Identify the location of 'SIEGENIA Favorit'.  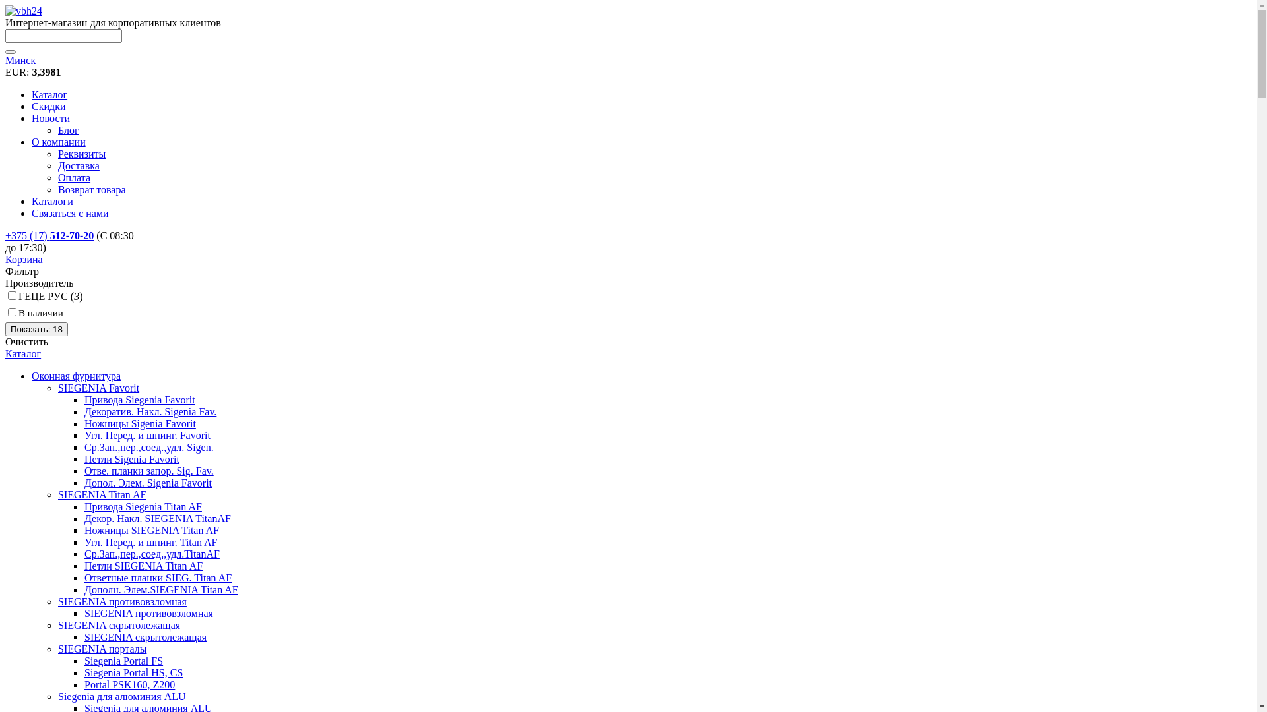
(98, 387).